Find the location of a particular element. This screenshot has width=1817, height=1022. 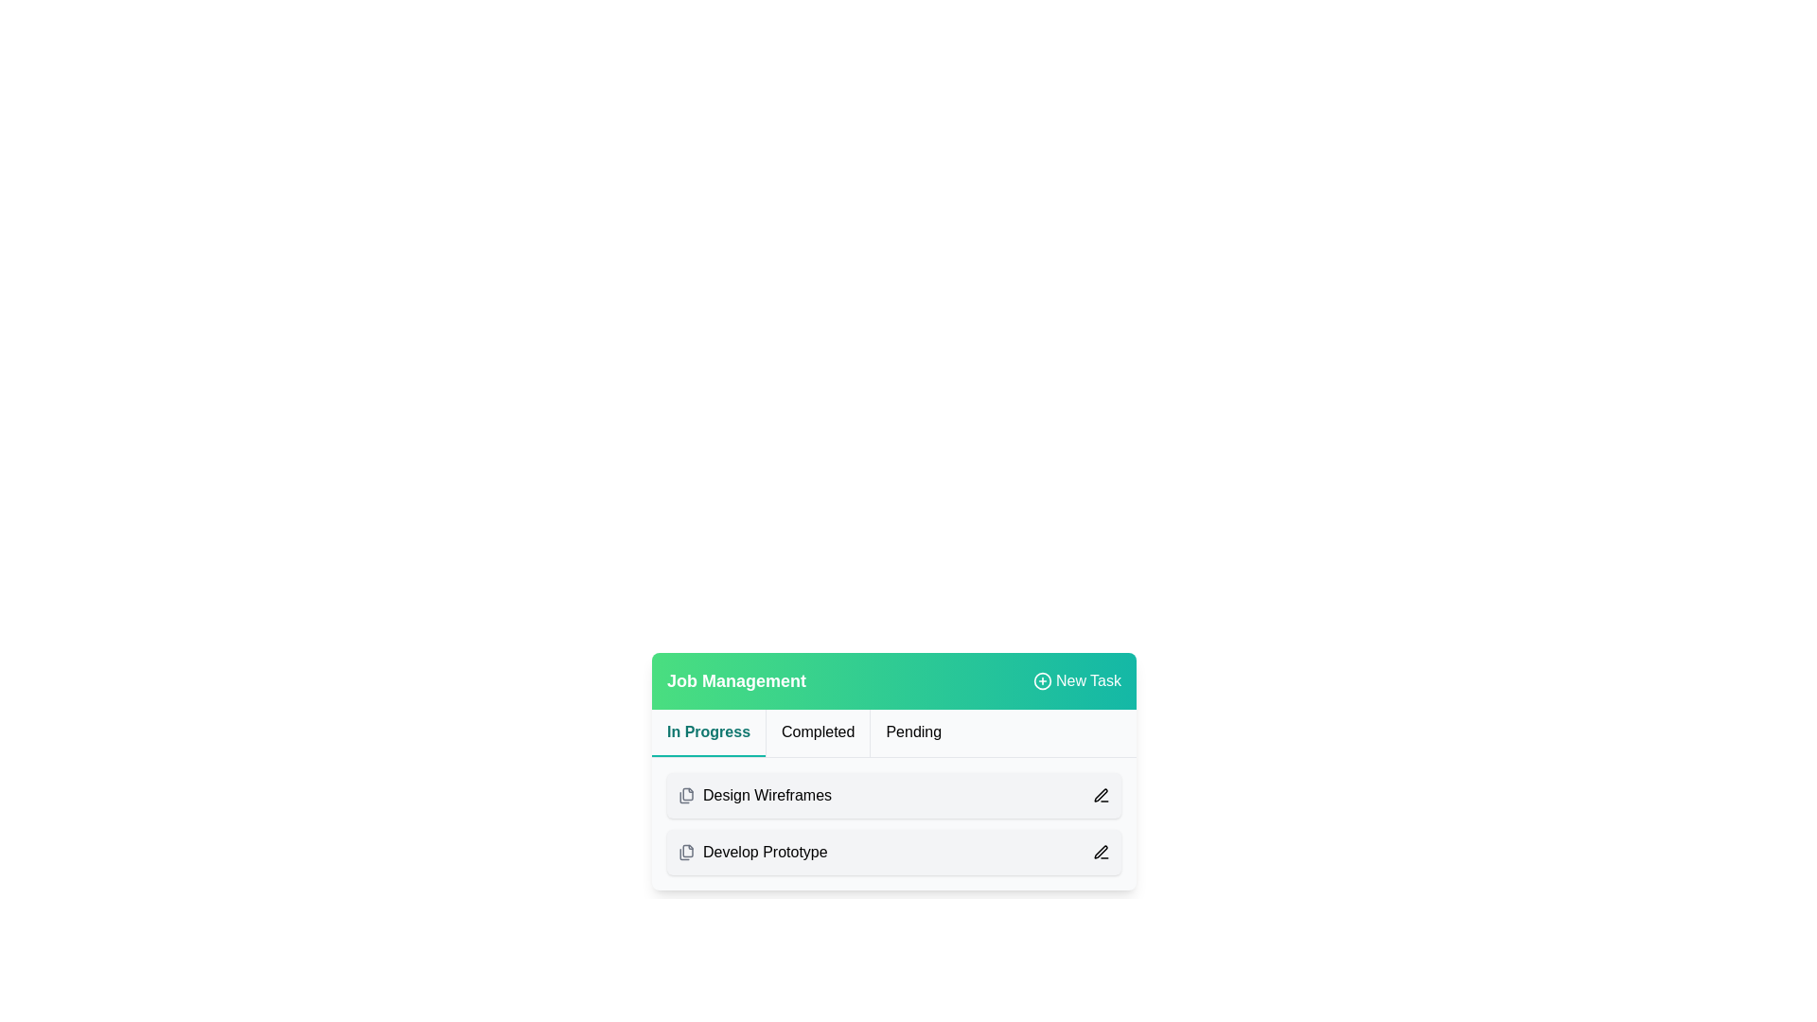

the pen icon button located to the right of the 'Design Wireframes' text label in the 'In Progress' task row is located at coordinates (1101, 795).